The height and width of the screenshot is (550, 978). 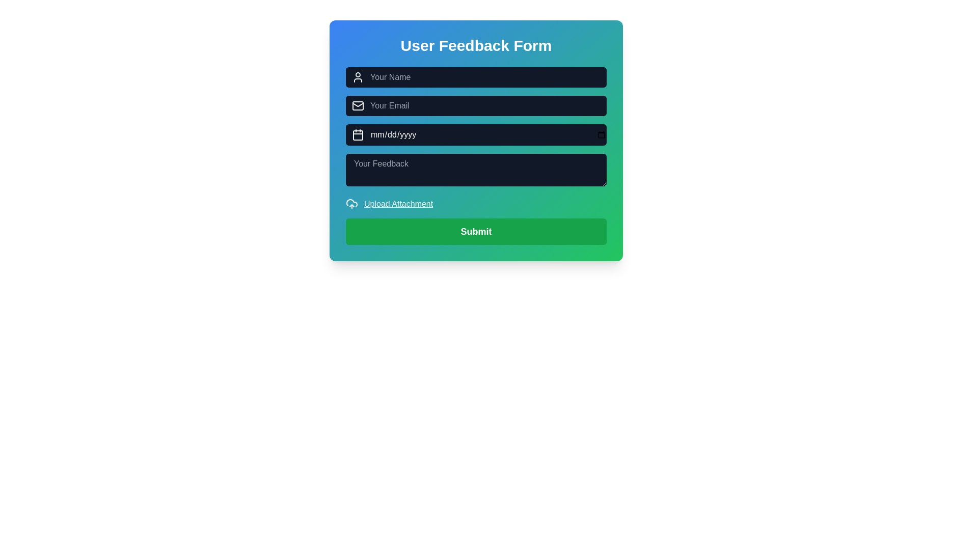 What do you see at coordinates (476, 204) in the screenshot?
I see `the Interactive Upload Button located below the 'Your Feedback' input field and above the 'Submit' button to upload a file` at bounding box center [476, 204].